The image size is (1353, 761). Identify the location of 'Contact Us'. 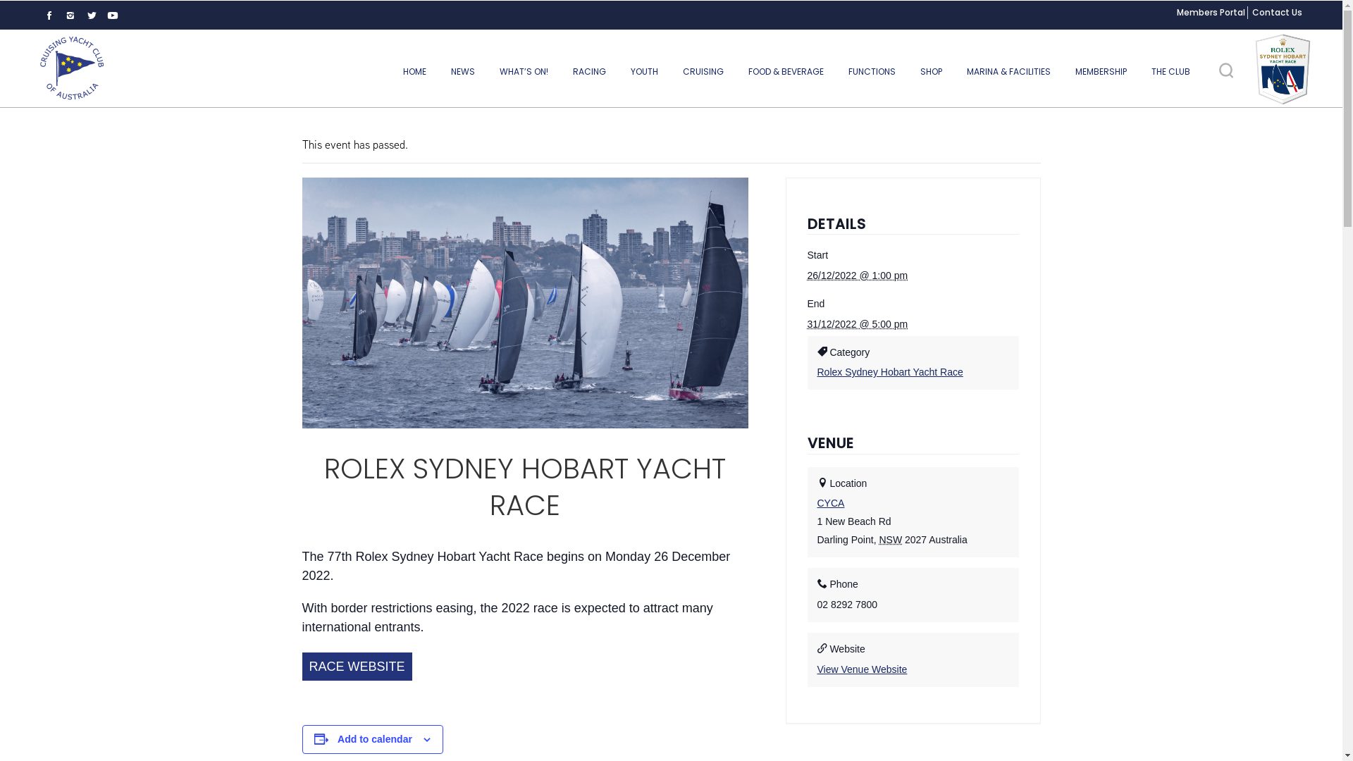
(1277, 12).